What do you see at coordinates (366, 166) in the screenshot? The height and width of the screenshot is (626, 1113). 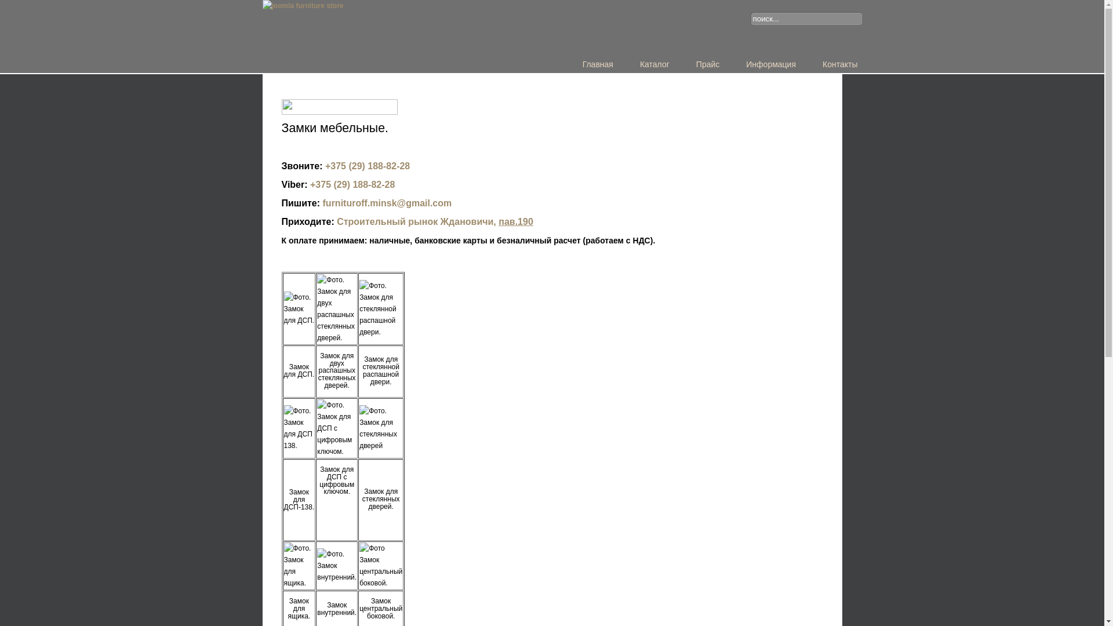 I see `'+375 (29) 188-82-28'` at bounding box center [366, 166].